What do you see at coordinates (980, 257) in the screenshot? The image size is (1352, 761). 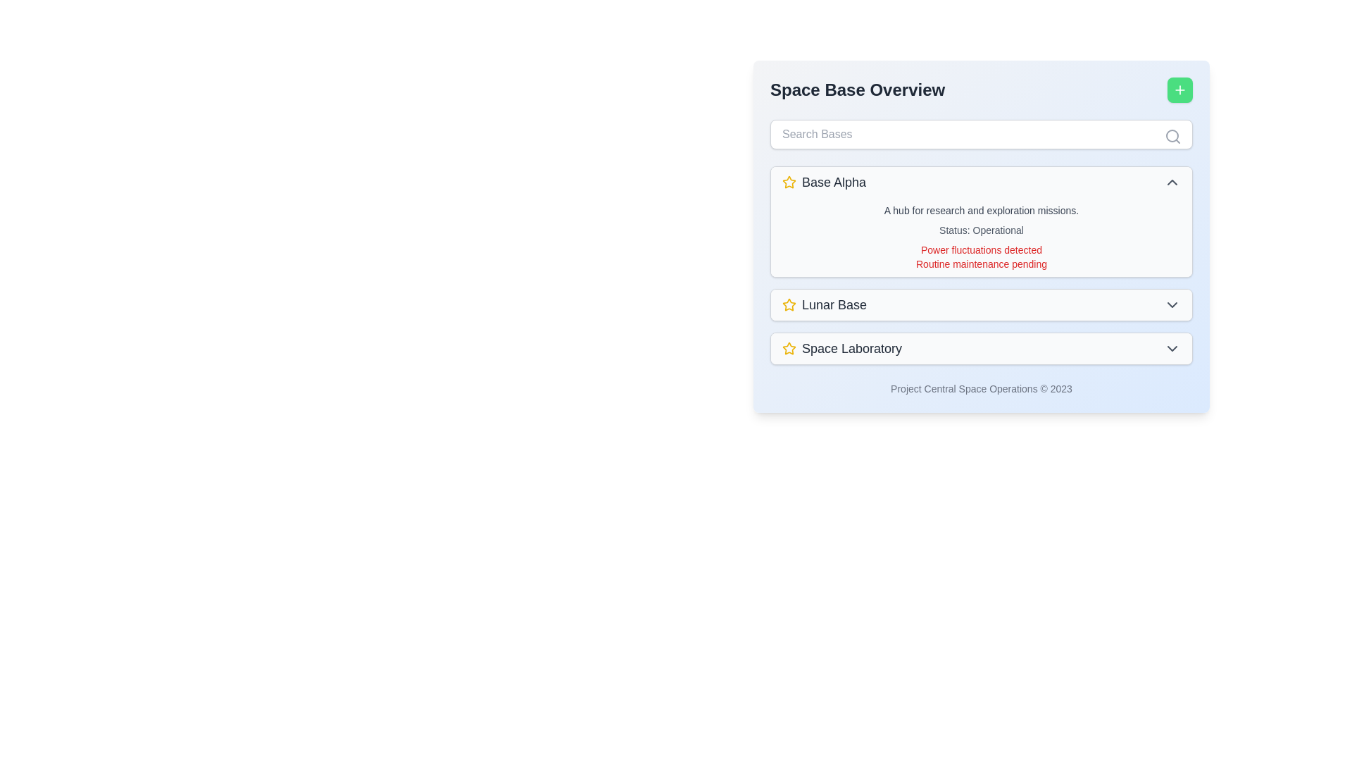 I see `the Text block that displays critical alerts or status messages relevant to the 'Base Alpha' section, located directly below 'Status: Operational.'` at bounding box center [980, 257].